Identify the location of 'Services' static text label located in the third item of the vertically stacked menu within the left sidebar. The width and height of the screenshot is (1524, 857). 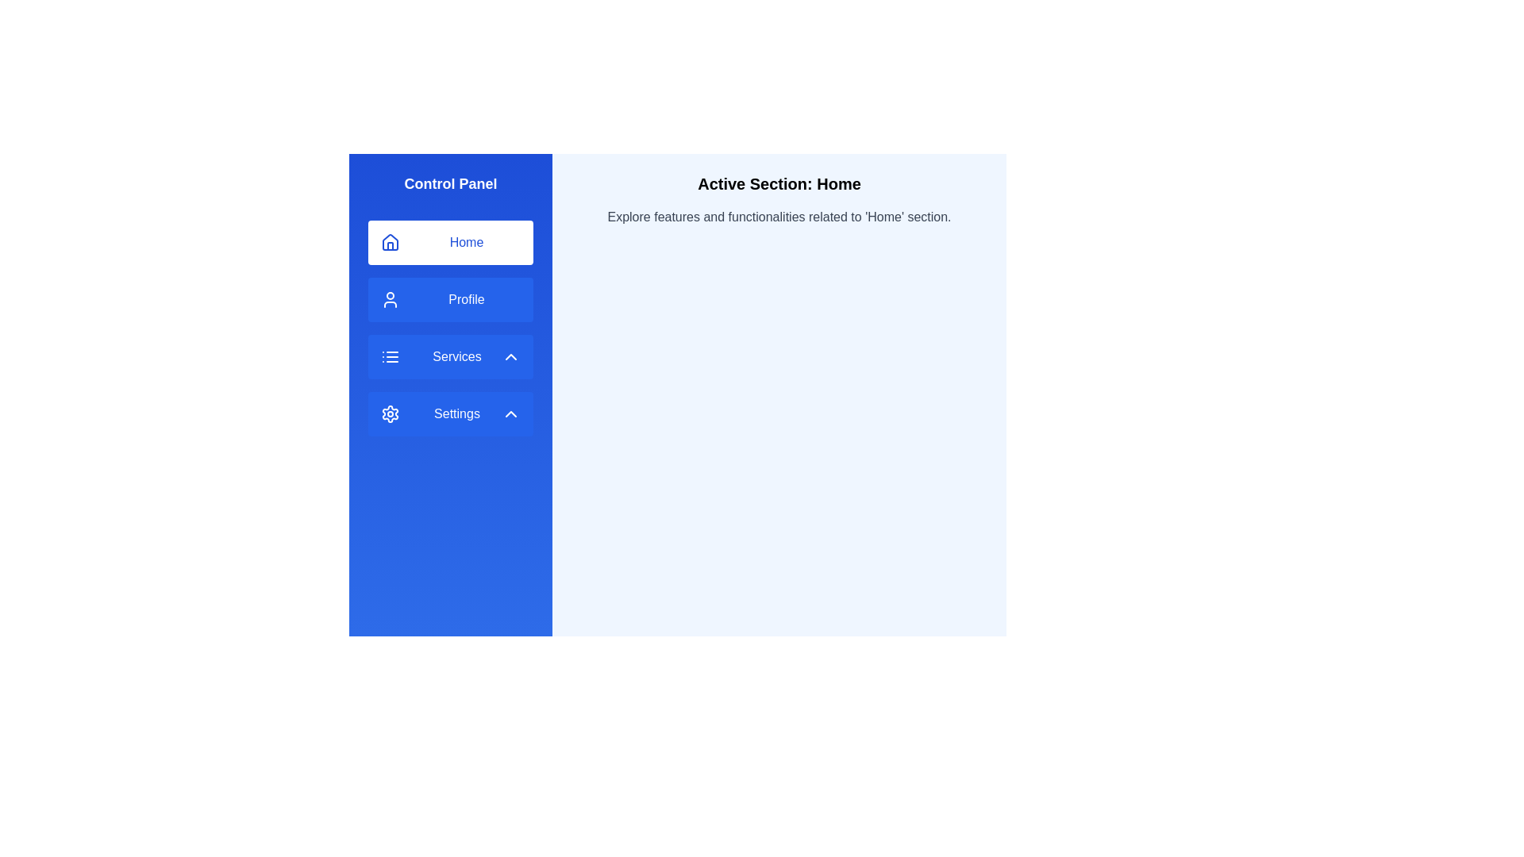
(456, 357).